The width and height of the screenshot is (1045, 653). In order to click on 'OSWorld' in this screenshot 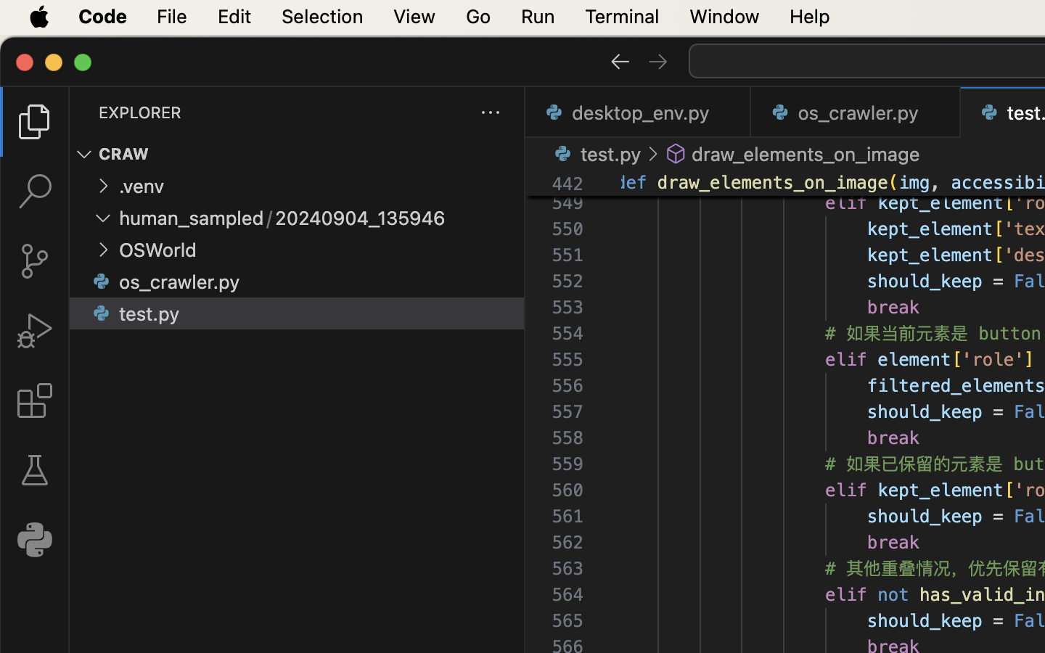, I will do `click(158, 250)`.